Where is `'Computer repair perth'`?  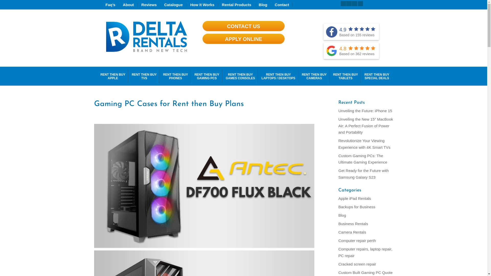
'Computer repair perth' is located at coordinates (357, 240).